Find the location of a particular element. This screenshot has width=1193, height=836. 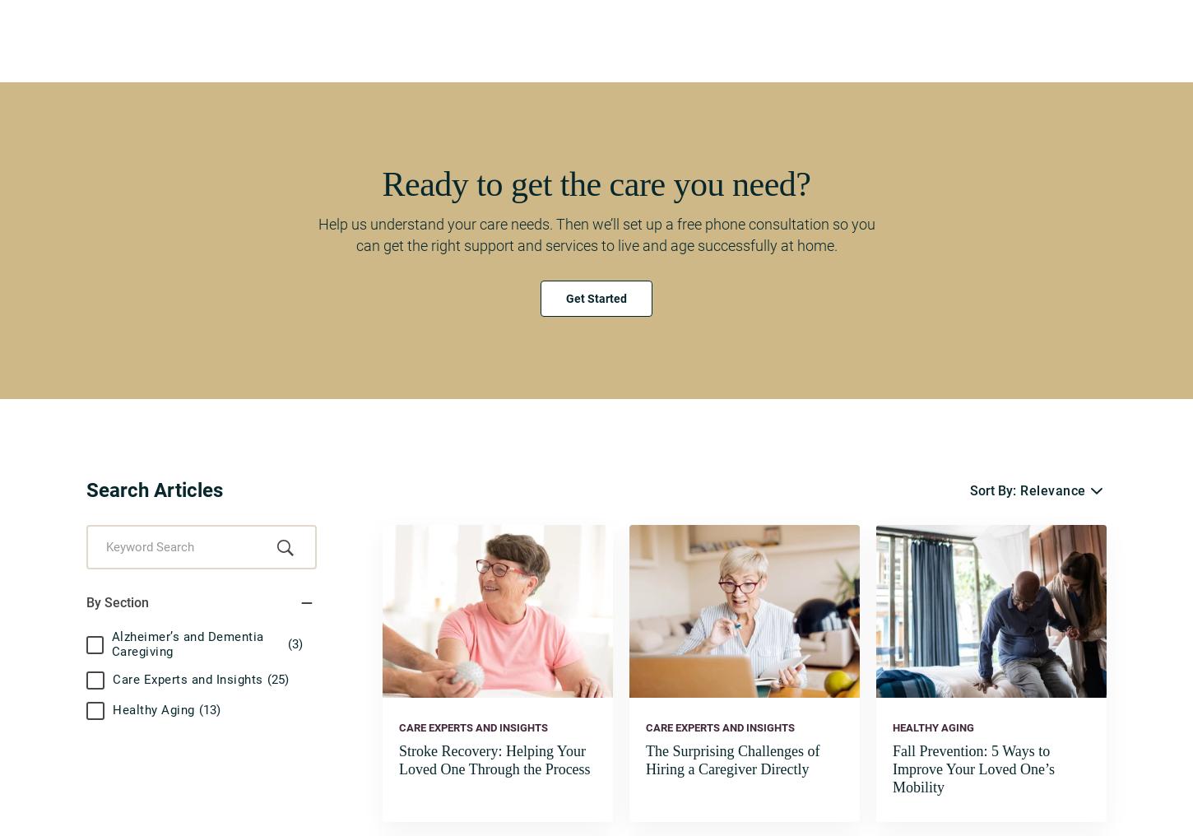

'By Section' is located at coordinates (116, 602).